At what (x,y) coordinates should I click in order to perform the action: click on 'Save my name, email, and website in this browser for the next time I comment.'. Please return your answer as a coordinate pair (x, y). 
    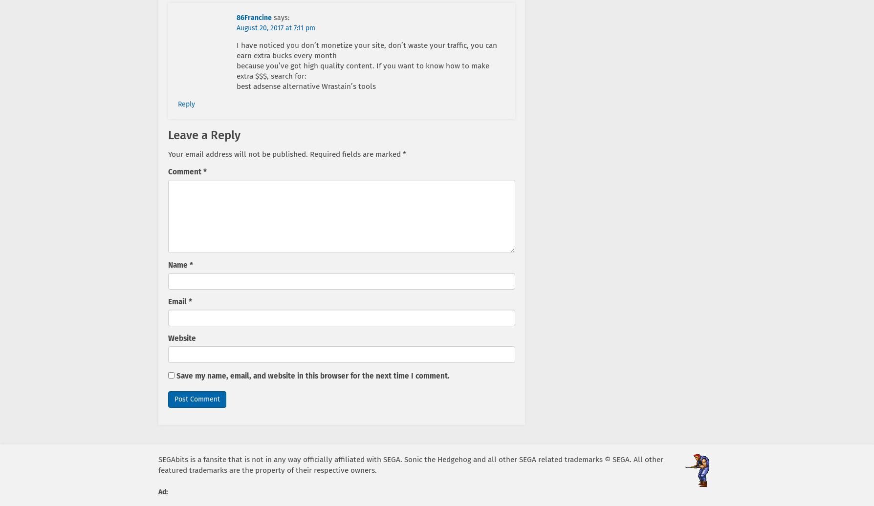
    Looking at the image, I should click on (313, 376).